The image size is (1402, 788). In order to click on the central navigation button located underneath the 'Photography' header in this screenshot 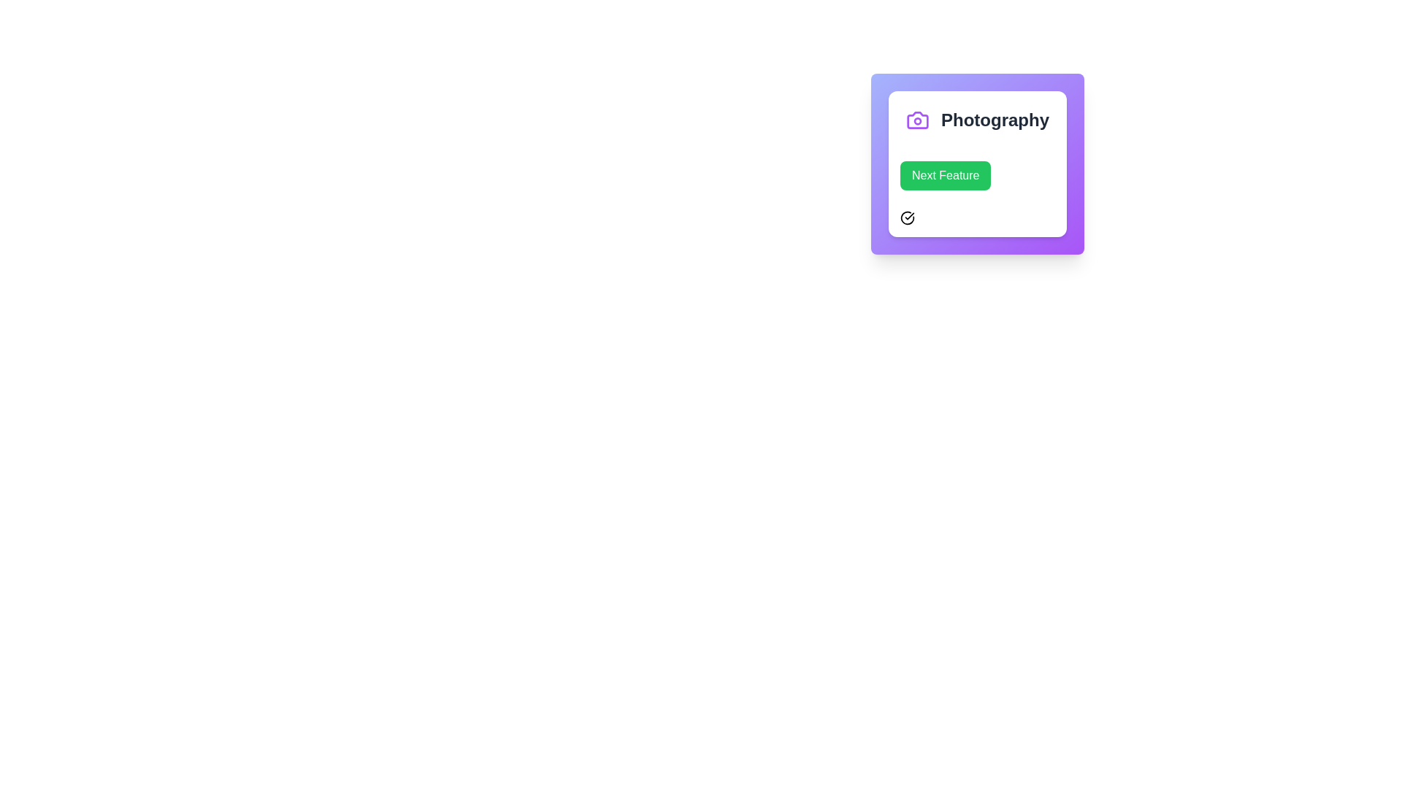, I will do `click(946, 174)`.